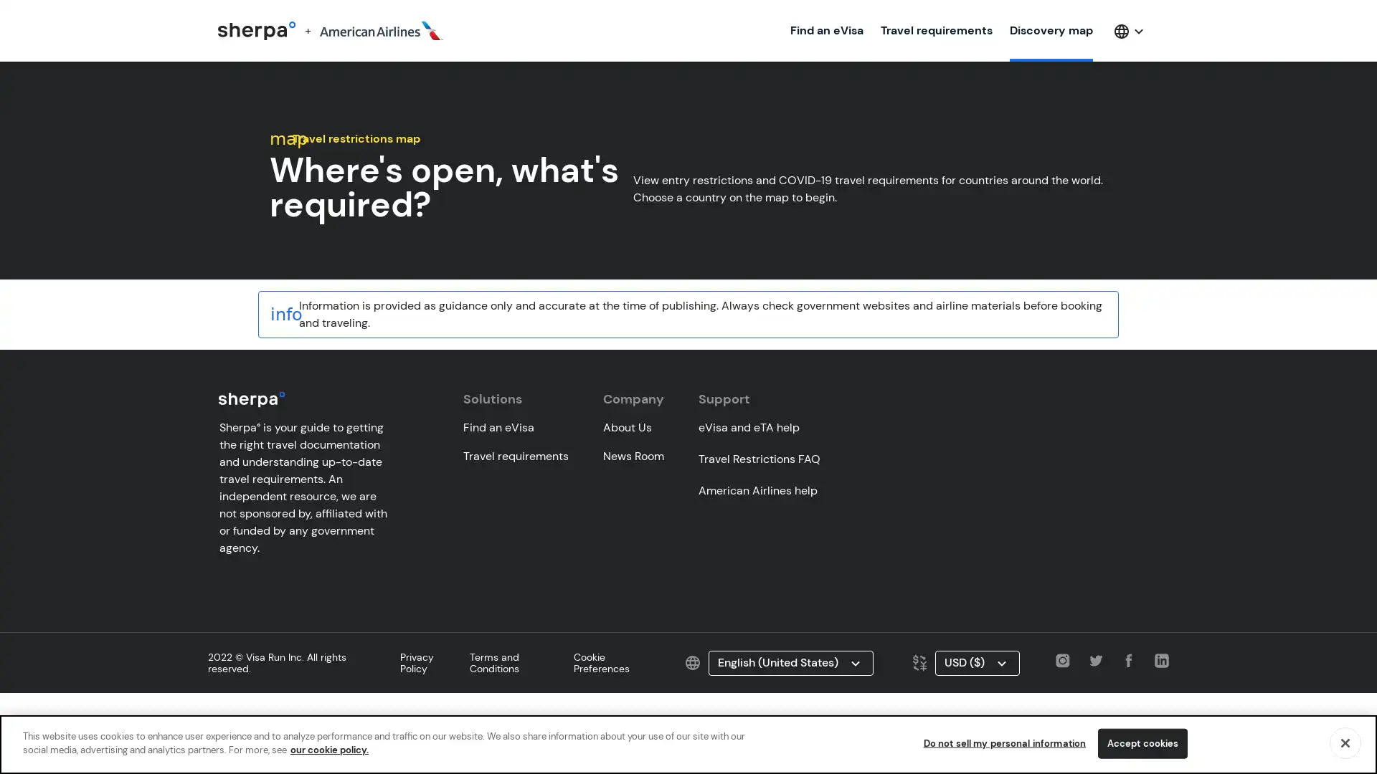 This screenshot has height=774, width=1377. Describe the element at coordinates (1003, 742) in the screenshot. I see `Do not sell my personal information` at that location.